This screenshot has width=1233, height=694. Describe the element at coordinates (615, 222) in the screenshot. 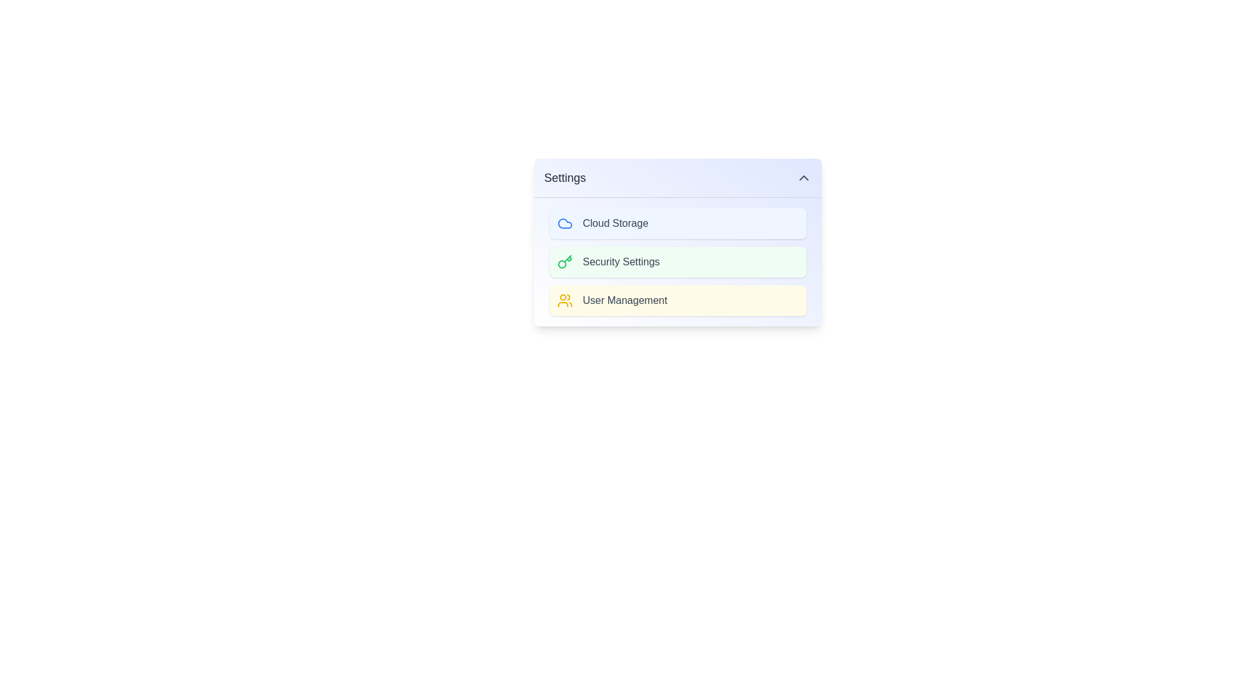

I see `the Text label indicating 'Cloud Storage', which is the first item in the vertical list under the 'Settings' title` at that location.